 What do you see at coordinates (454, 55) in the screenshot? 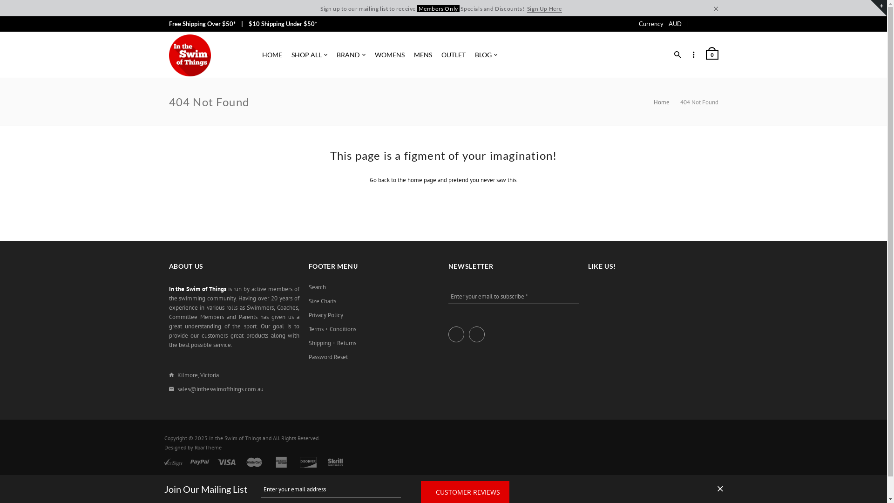
I see `'OUTLET'` at bounding box center [454, 55].